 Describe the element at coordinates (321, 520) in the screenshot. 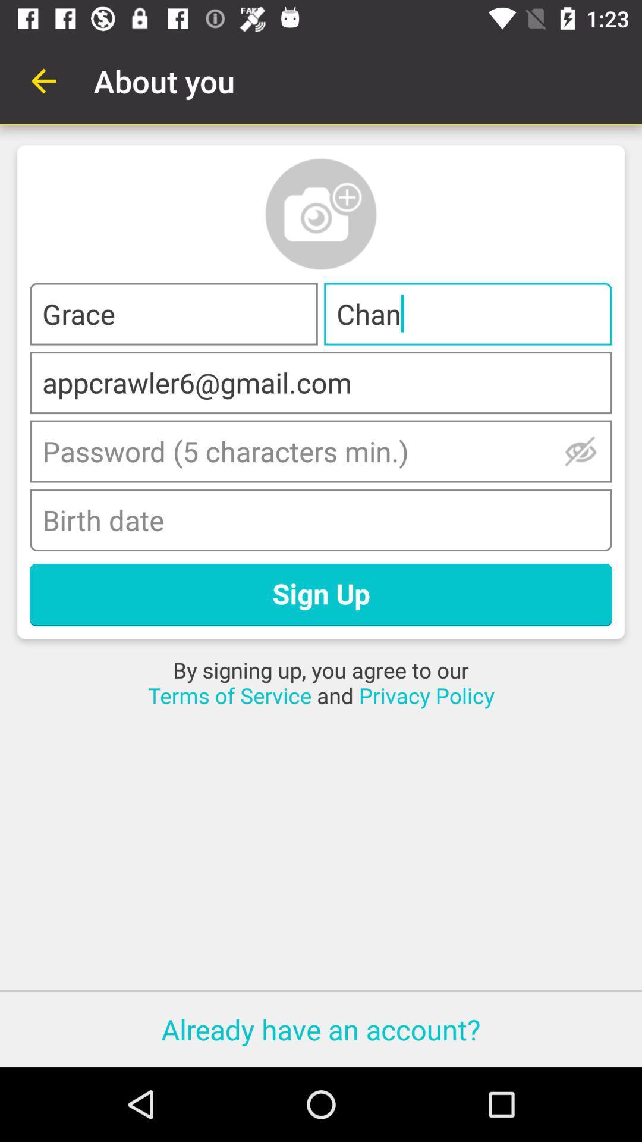

I see `birthdate` at that location.